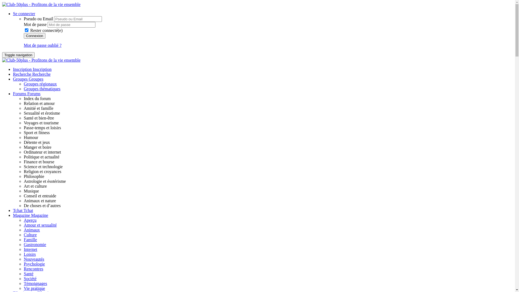 This screenshot has width=519, height=292. What do you see at coordinates (28, 210) in the screenshot?
I see `'Tchat'` at bounding box center [28, 210].